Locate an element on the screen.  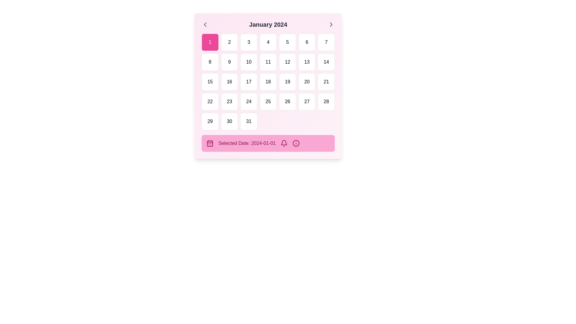
the button representing the 2nd day of the month in the calendar interface is located at coordinates (229, 42).